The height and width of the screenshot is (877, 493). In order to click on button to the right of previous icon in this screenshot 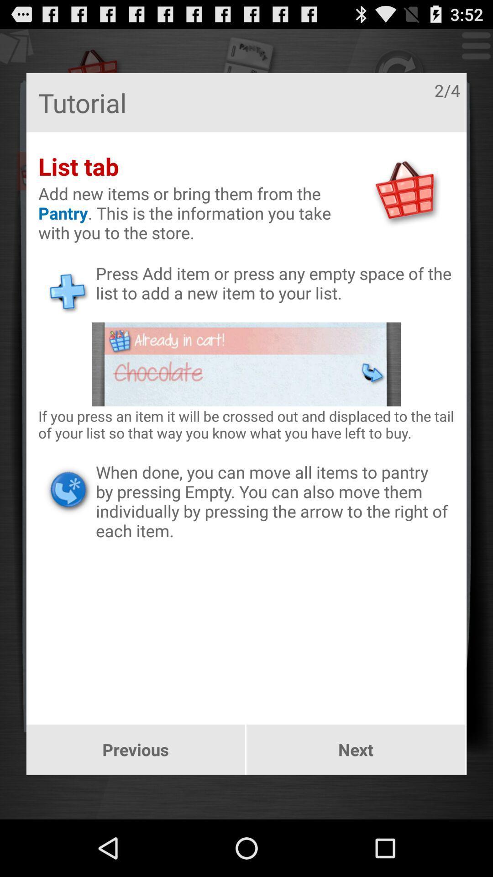, I will do `click(355, 750)`.